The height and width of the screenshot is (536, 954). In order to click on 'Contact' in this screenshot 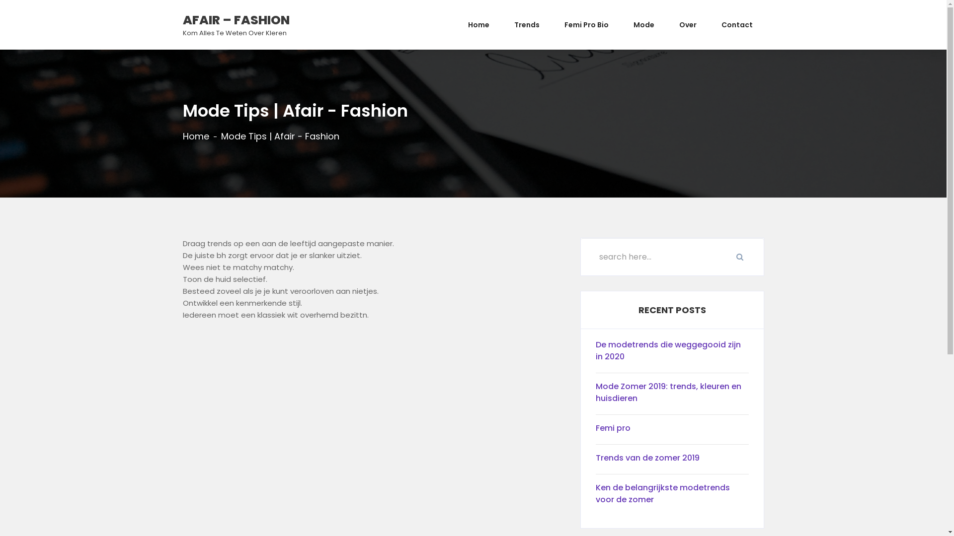, I will do `click(736, 24)`.